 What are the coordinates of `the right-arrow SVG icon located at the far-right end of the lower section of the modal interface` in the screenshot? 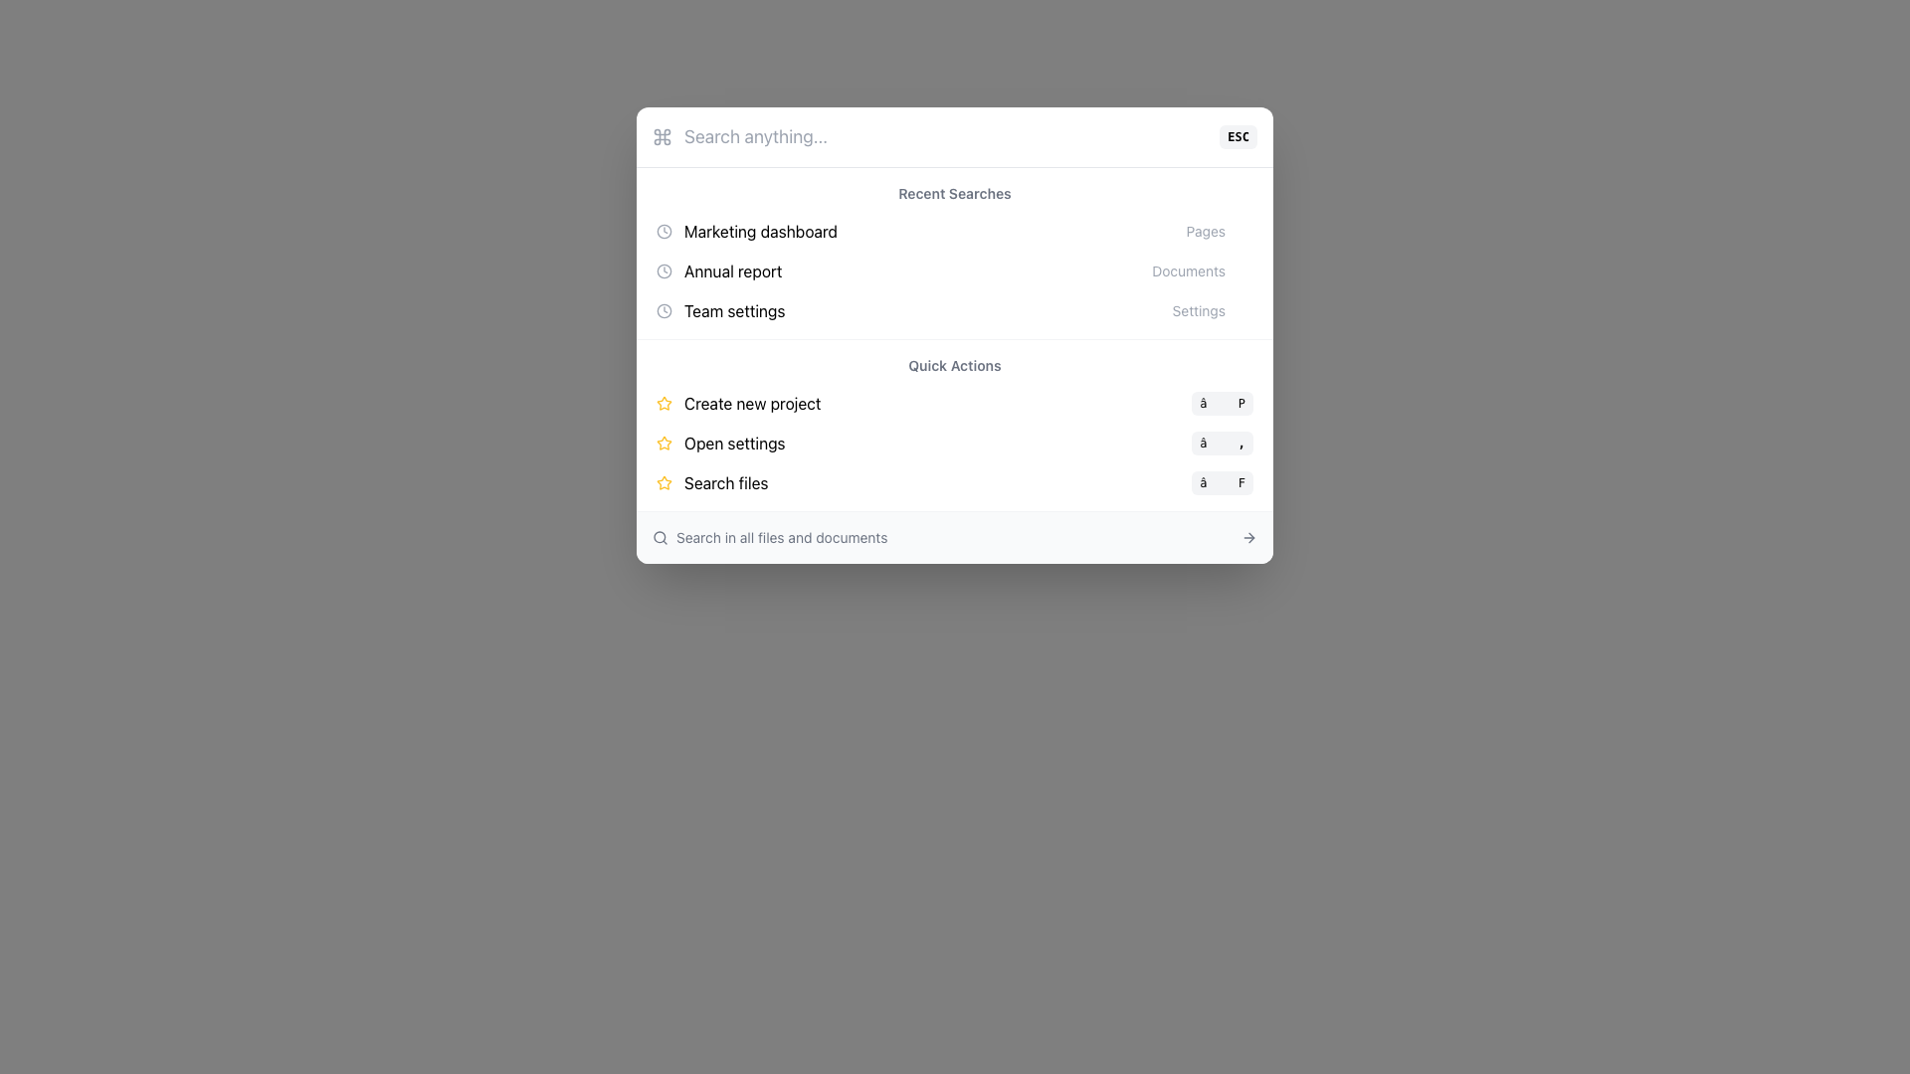 It's located at (1248, 537).